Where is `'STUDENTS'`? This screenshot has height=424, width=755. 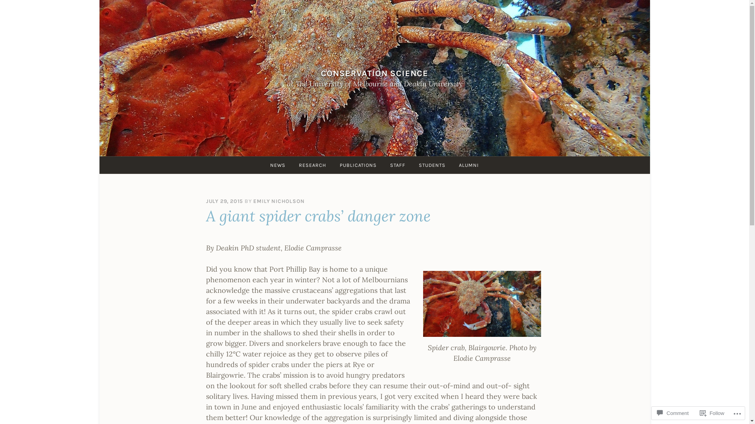 'STUDENTS' is located at coordinates (432, 164).